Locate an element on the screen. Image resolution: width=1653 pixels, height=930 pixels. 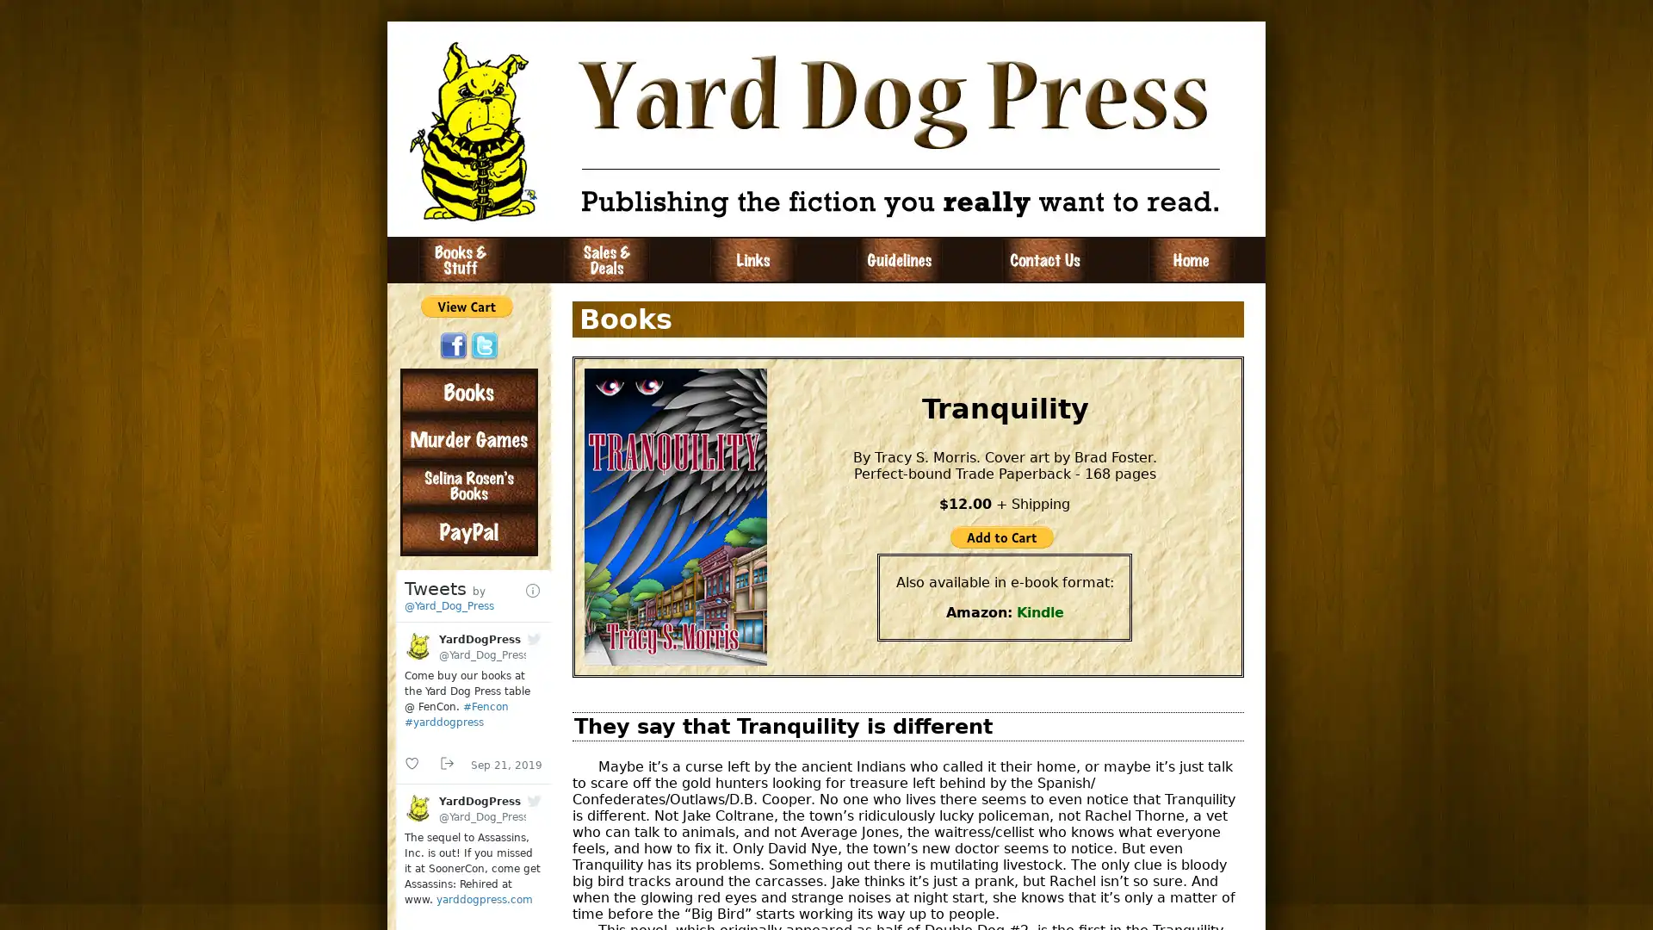
PayPal - The safer, easier way to pay online is located at coordinates (467, 305).